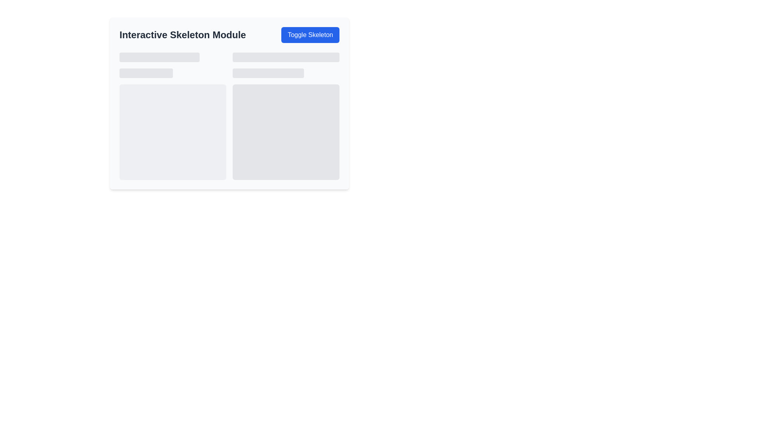  I want to click on the 'Toggle Skeleton' button with a blue background and rounded corners to observe style changes, so click(310, 35).